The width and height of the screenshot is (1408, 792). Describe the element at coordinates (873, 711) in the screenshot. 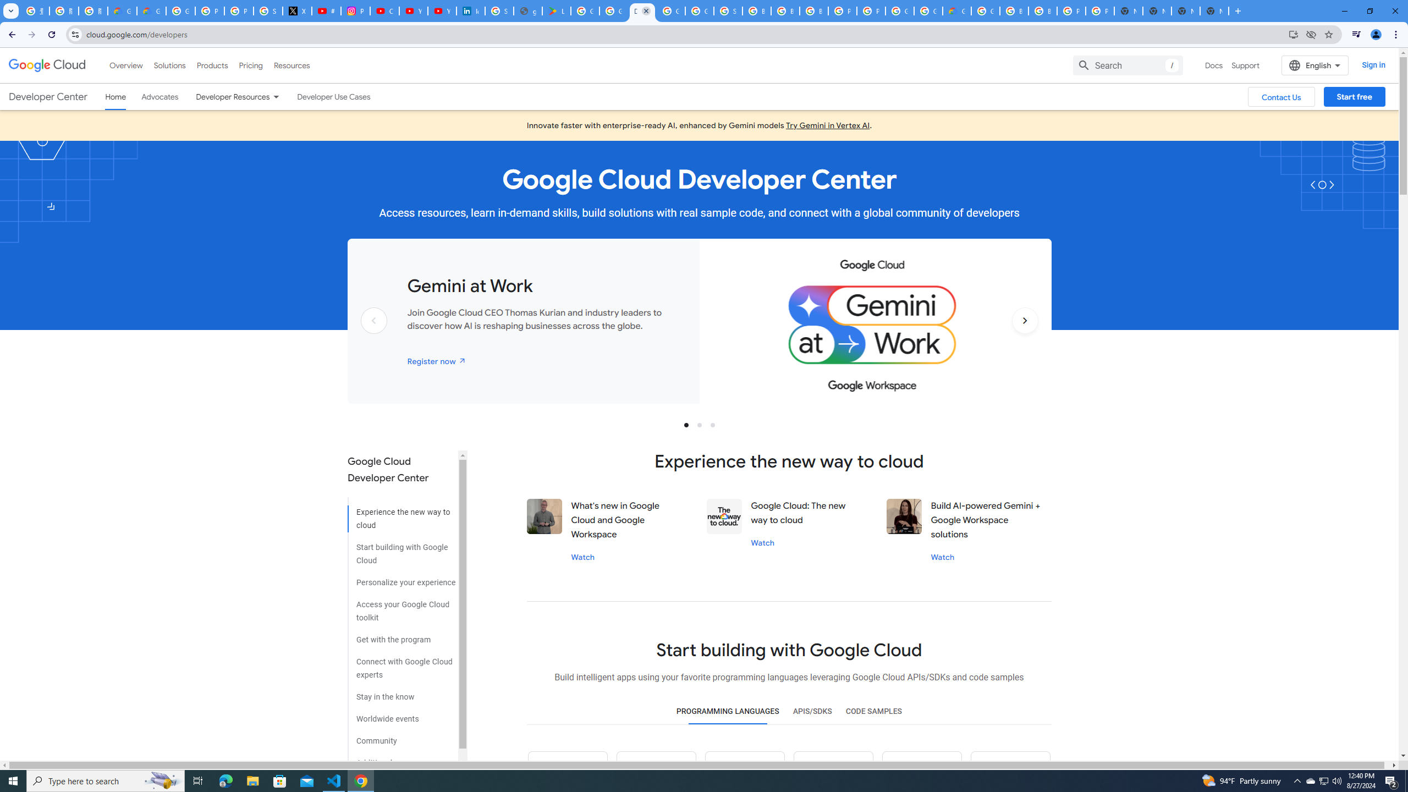

I see `'CODE SAMPLES'` at that location.